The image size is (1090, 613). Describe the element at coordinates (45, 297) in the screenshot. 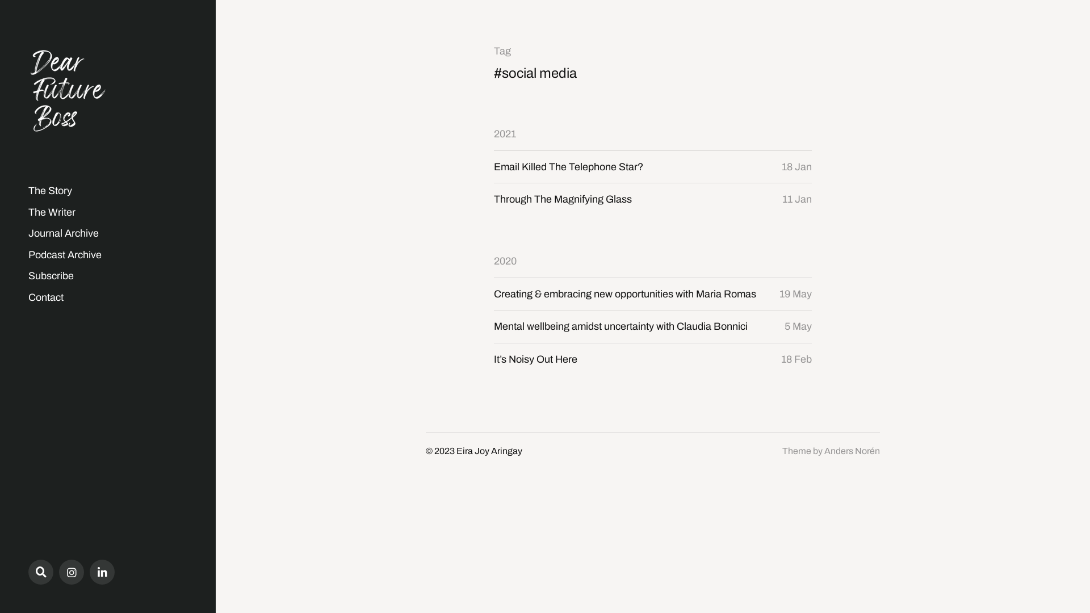

I see `'Contact'` at that location.